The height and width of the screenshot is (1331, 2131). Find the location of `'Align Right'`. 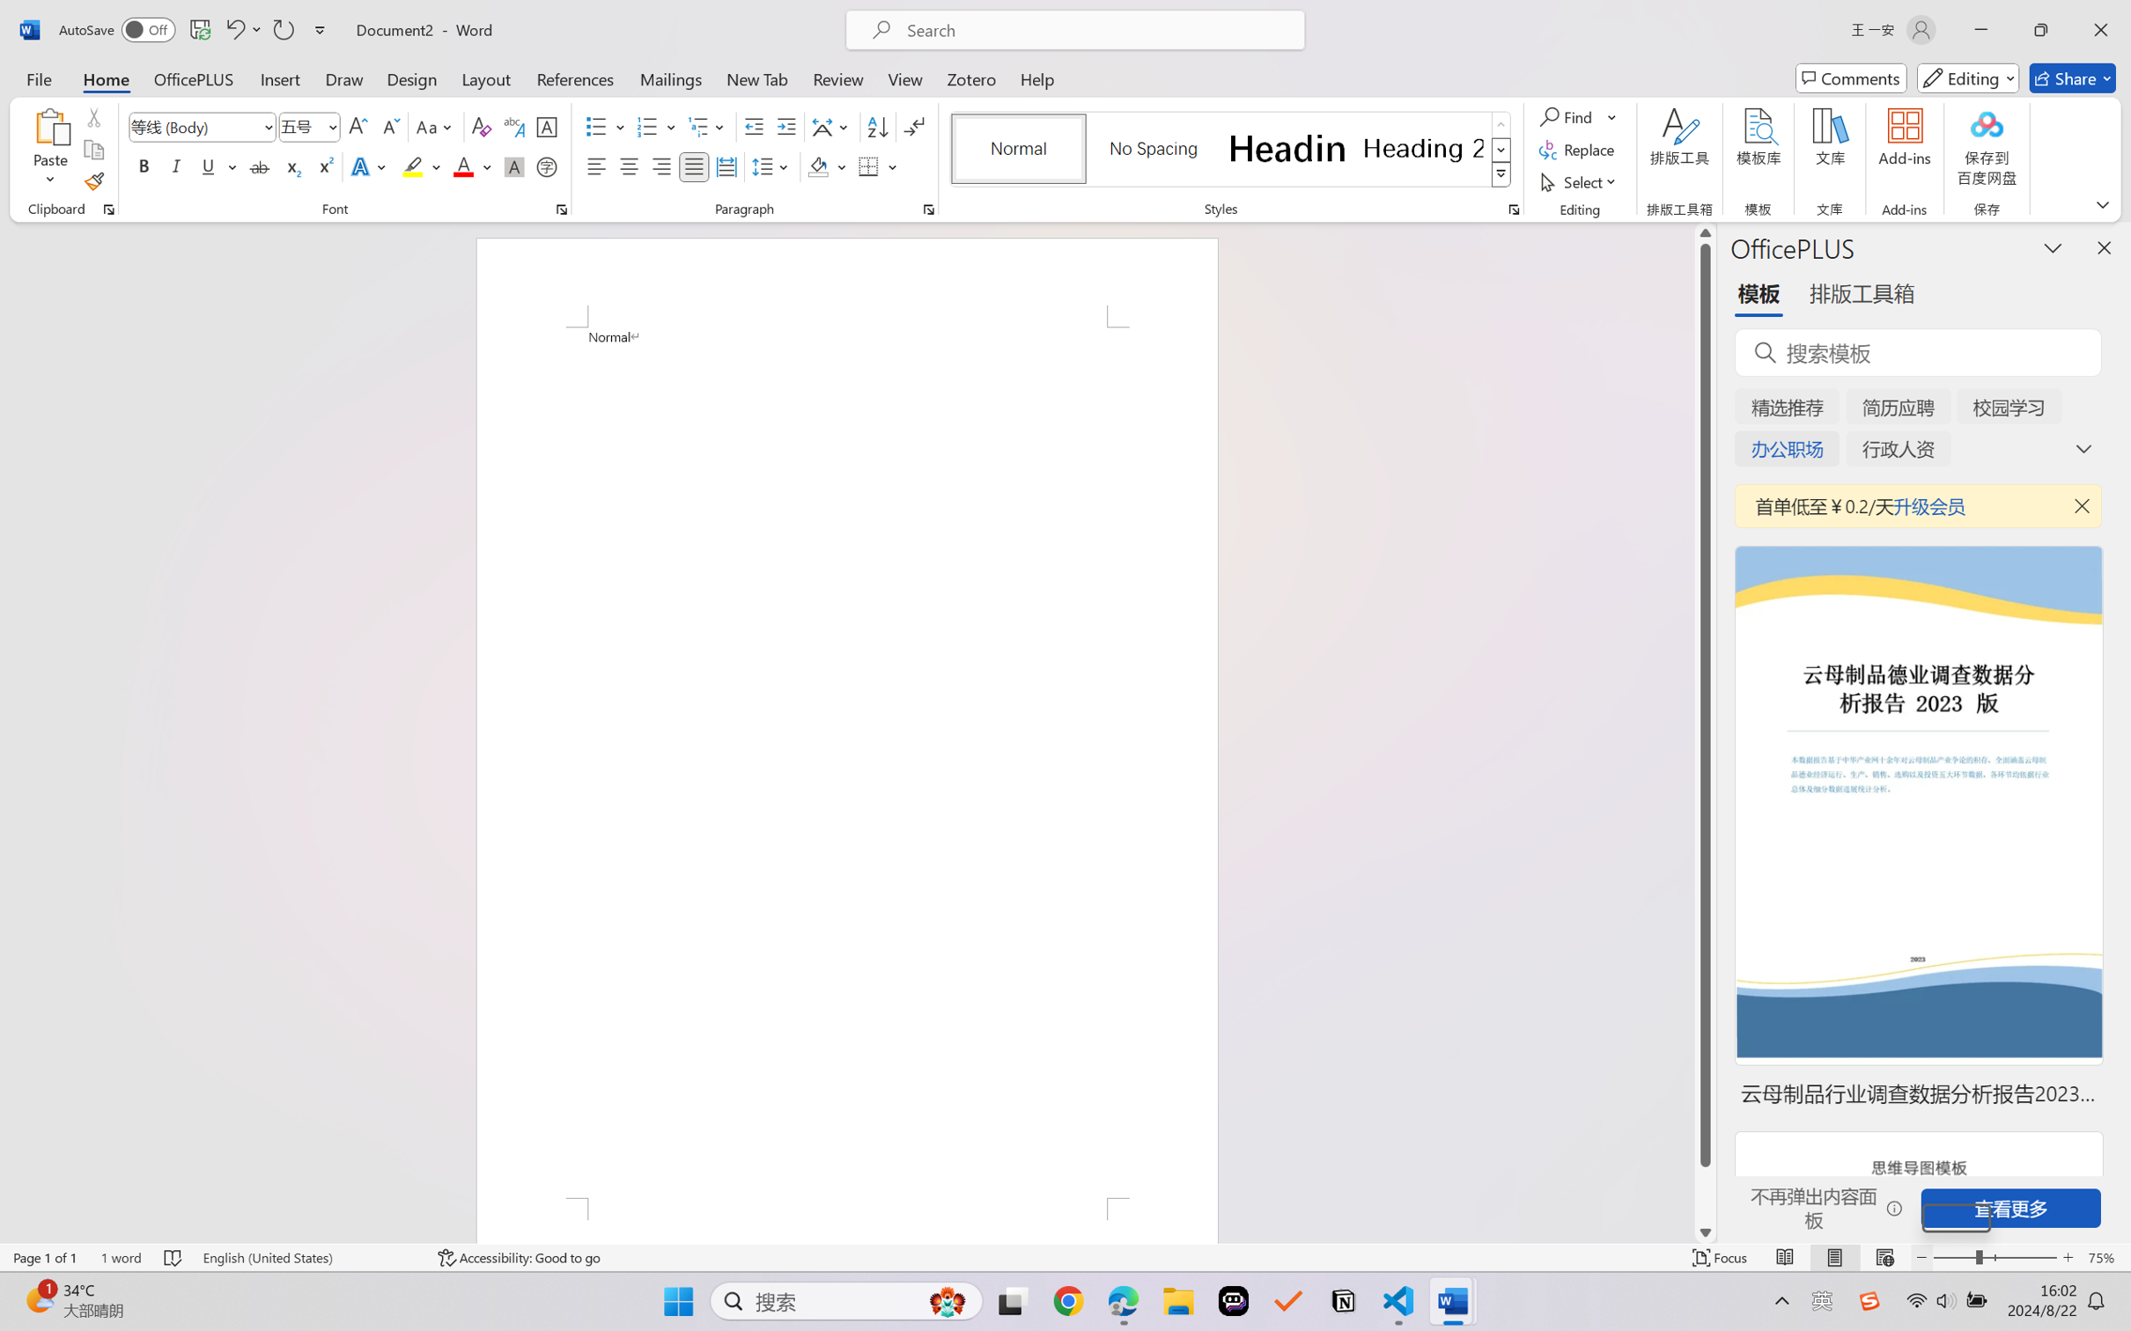

'Align Right' is located at coordinates (662, 165).